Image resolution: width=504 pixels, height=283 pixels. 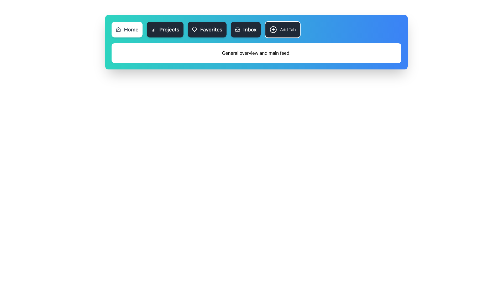 I want to click on the circular outline of the '+' icon within the 'Add Tab' button located at the top-right corner of the interface navigation bar, so click(x=273, y=29).